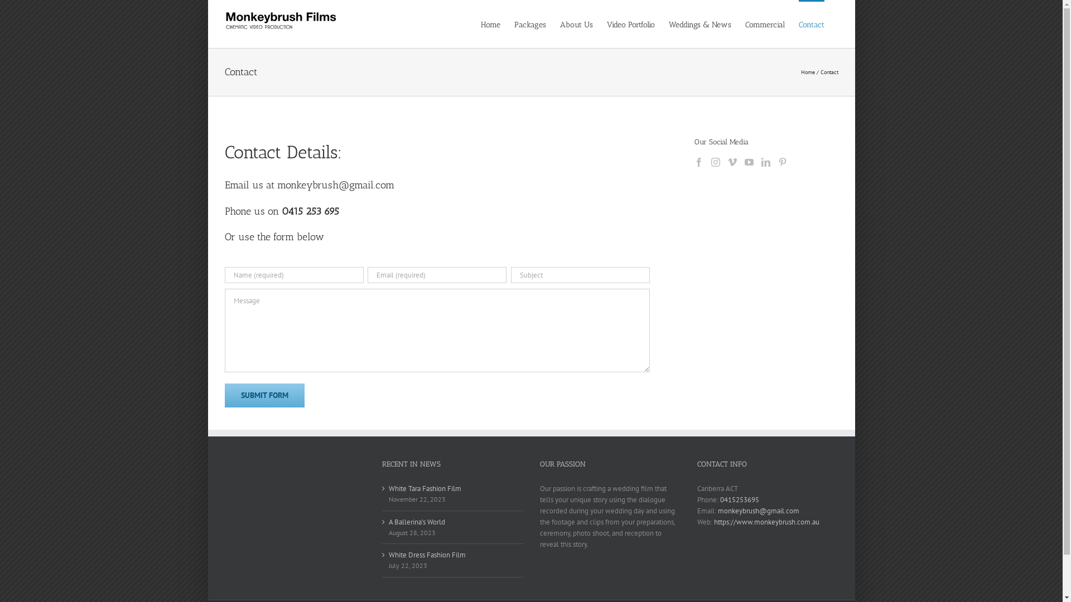 This screenshot has height=602, width=1071. What do you see at coordinates (808, 72) in the screenshot?
I see `'Home'` at bounding box center [808, 72].